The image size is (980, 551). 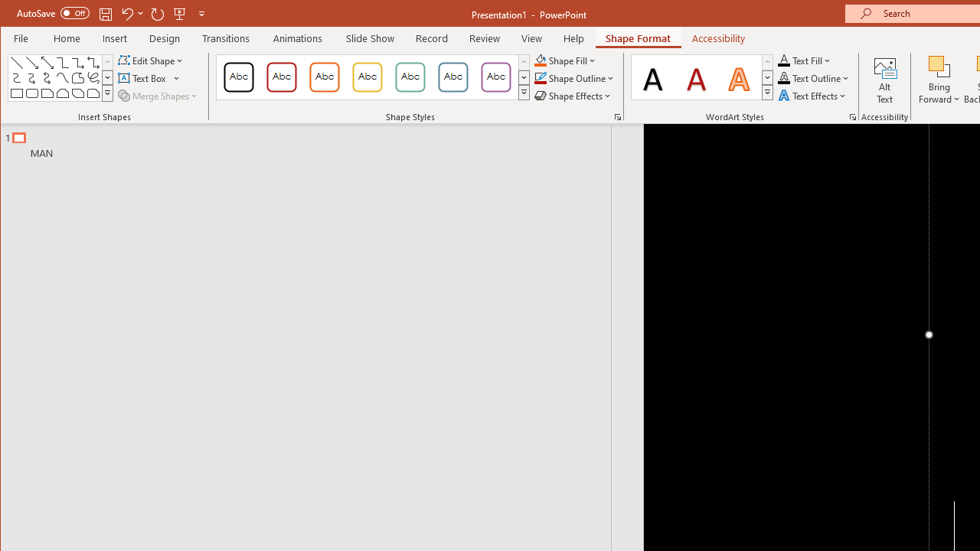 I want to click on 'Fill: Black, Text color 1; Shadow', so click(x=653, y=77).